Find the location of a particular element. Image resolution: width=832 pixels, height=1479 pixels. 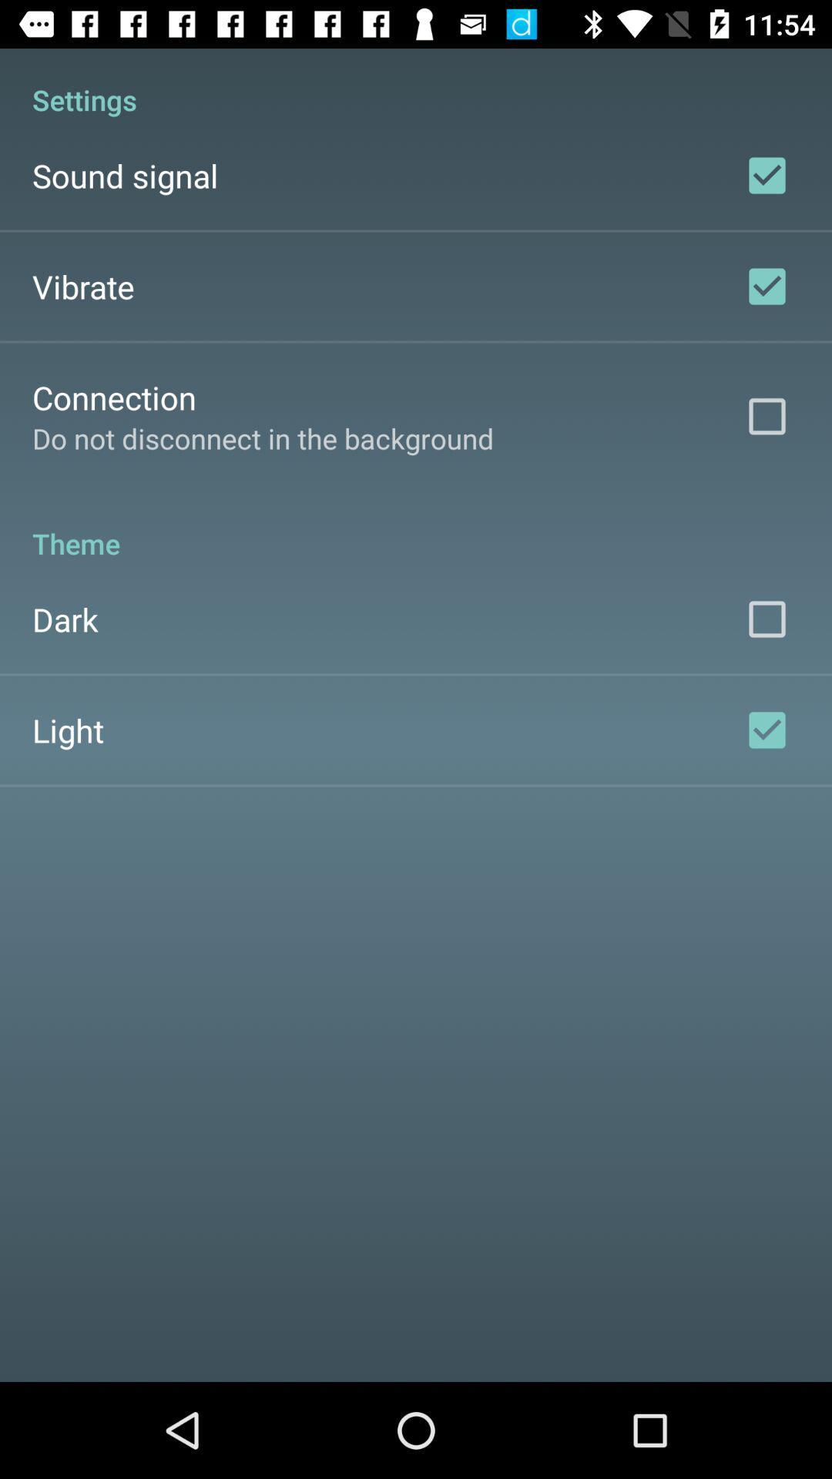

theme app is located at coordinates (416, 527).